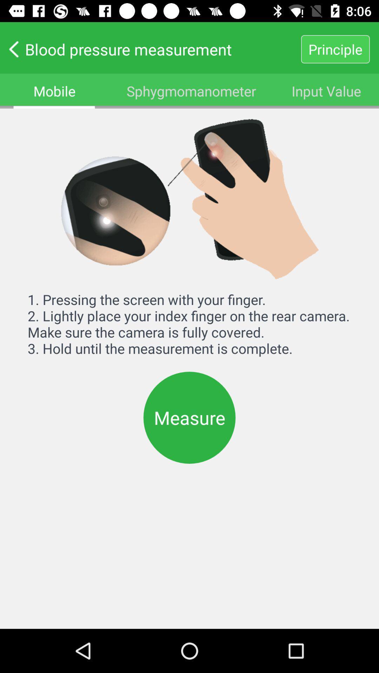 This screenshot has width=379, height=673. Describe the element at coordinates (335, 49) in the screenshot. I see `the item to the right of the blood pressure measurement icon` at that location.